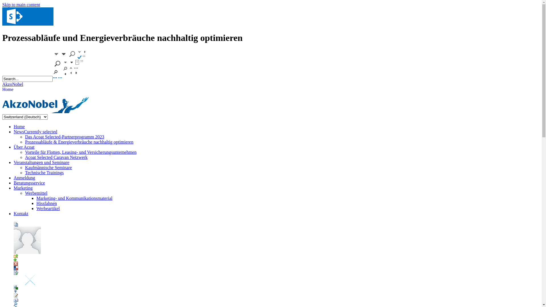 This screenshot has height=307, width=546. I want to click on 'Werbemittel', so click(36, 193).